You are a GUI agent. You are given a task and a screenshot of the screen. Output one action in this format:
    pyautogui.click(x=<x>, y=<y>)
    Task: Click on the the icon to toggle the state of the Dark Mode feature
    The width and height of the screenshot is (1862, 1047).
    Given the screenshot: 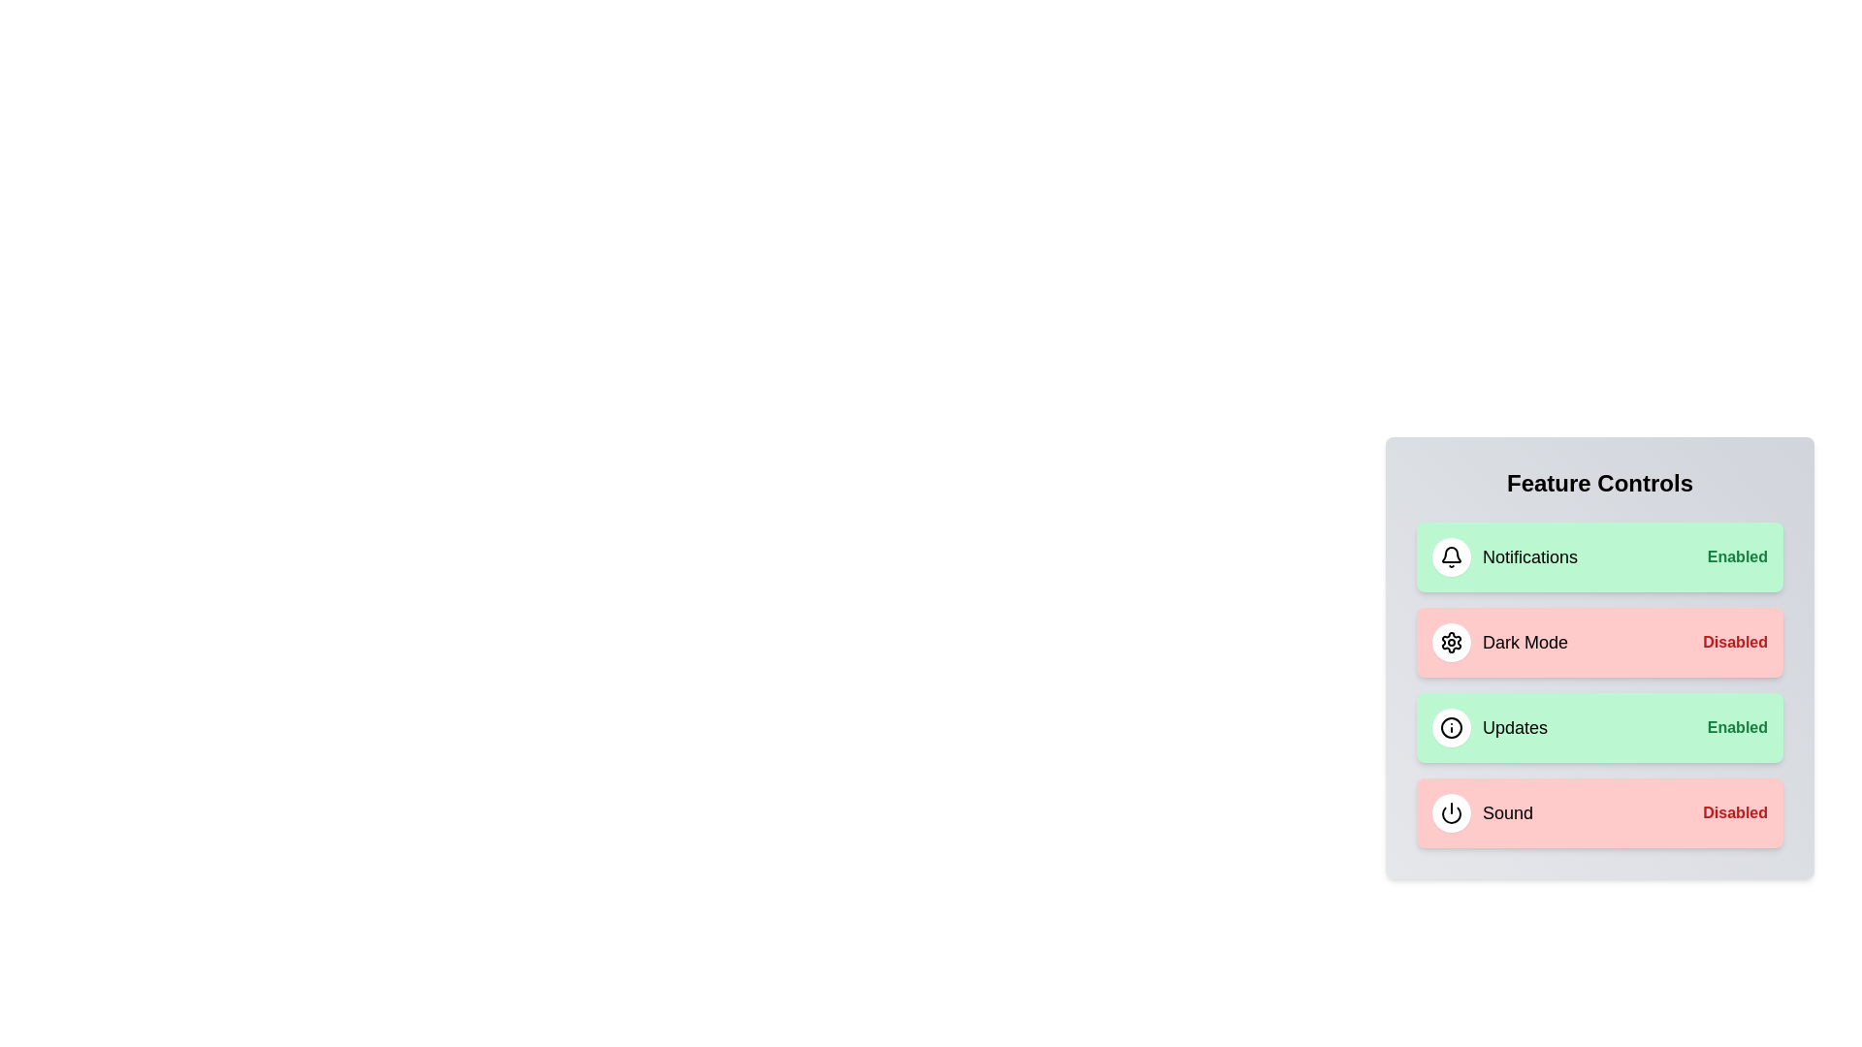 What is the action you would take?
    pyautogui.click(x=1452, y=643)
    